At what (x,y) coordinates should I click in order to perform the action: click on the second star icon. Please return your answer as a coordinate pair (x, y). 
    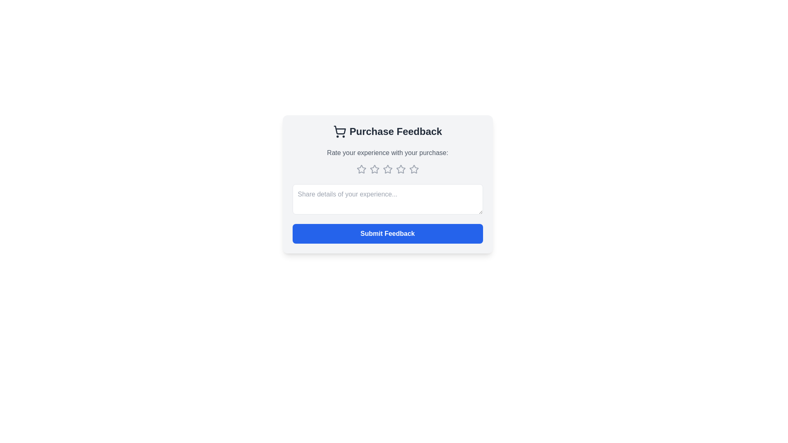
    Looking at the image, I should click on (374, 169).